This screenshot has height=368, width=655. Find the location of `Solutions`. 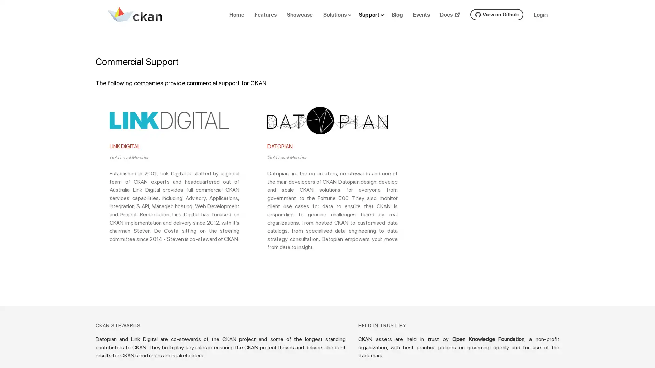

Solutions is located at coordinates (342, 20).